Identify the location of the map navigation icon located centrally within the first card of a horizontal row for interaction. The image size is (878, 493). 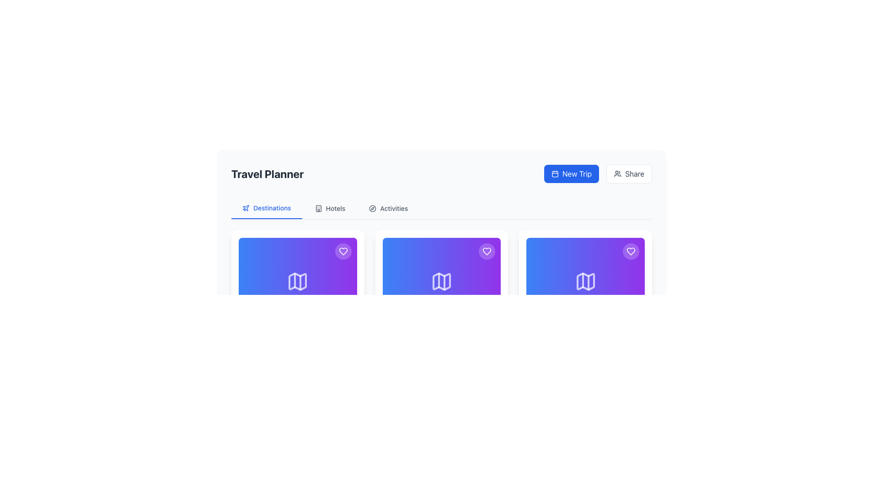
(298, 281).